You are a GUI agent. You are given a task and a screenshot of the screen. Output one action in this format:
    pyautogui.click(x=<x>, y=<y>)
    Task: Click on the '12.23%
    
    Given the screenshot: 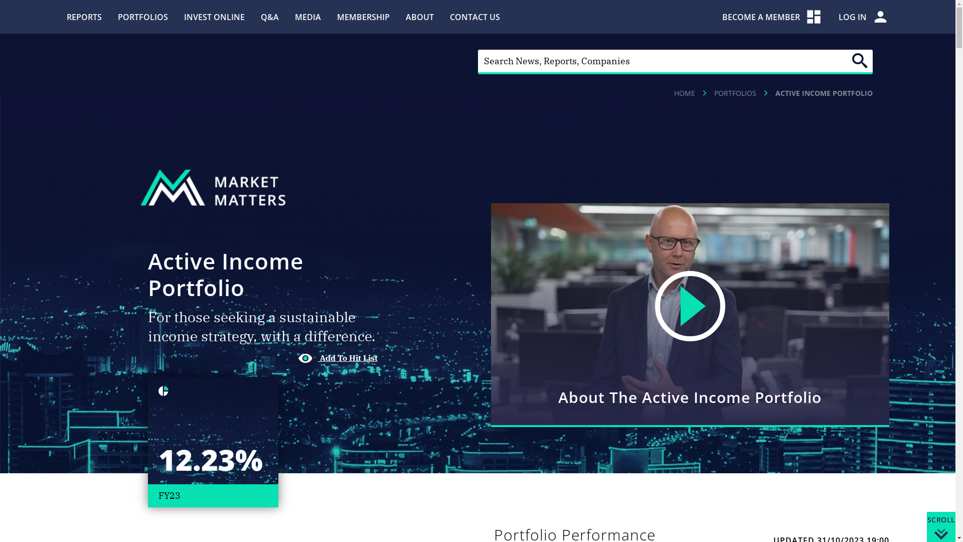 What is the action you would take?
    pyautogui.click(x=212, y=441)
    